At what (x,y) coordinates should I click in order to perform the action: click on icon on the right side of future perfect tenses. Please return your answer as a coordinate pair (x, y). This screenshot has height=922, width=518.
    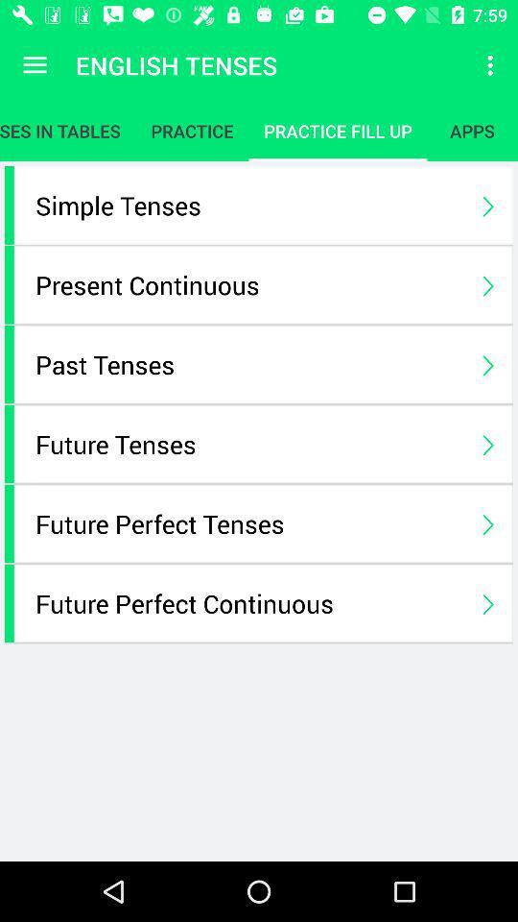
    Looking at the image, I should click on (487, 523).